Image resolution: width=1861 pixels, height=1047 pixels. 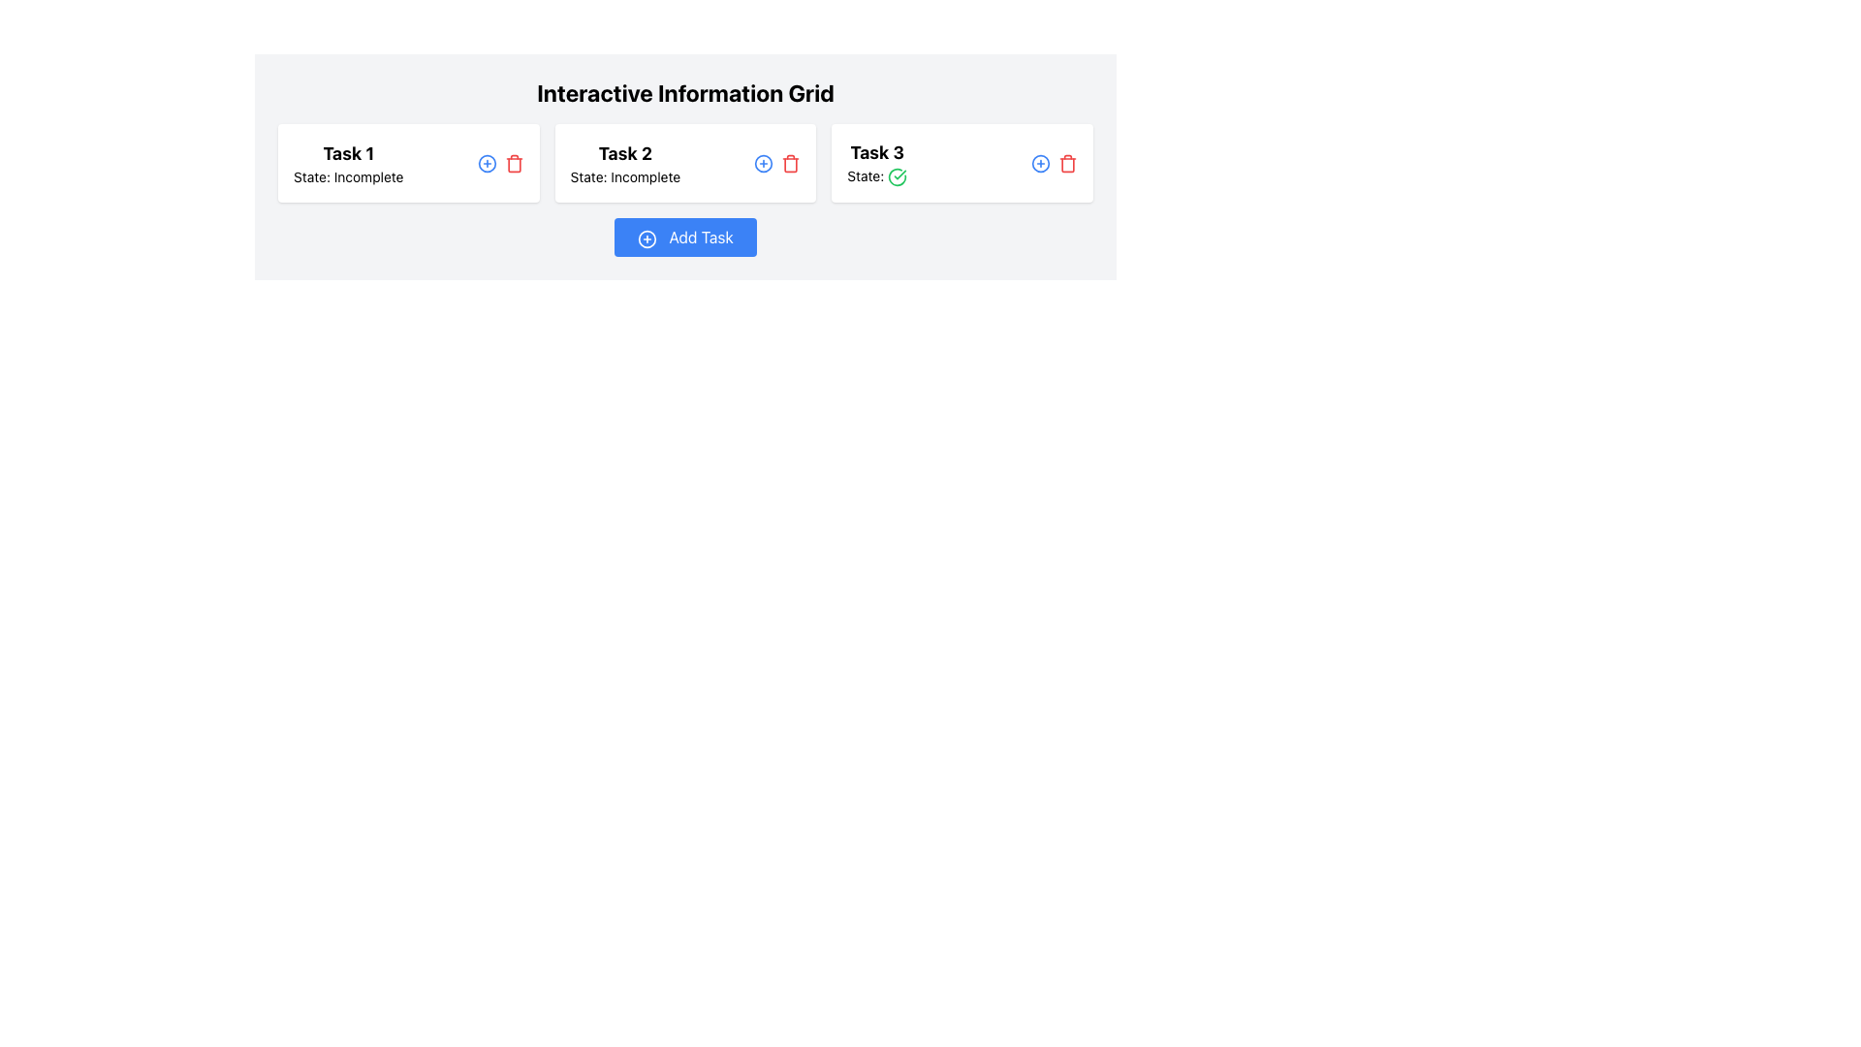 What do you see at coordinates (685, 93) in the screenshot?
I see `the bold heading text element displaying 'Interactive Information Grid' located at the top-center of the interface, above the task cards and 'Add Task' button` at bounding box center [685, 93].